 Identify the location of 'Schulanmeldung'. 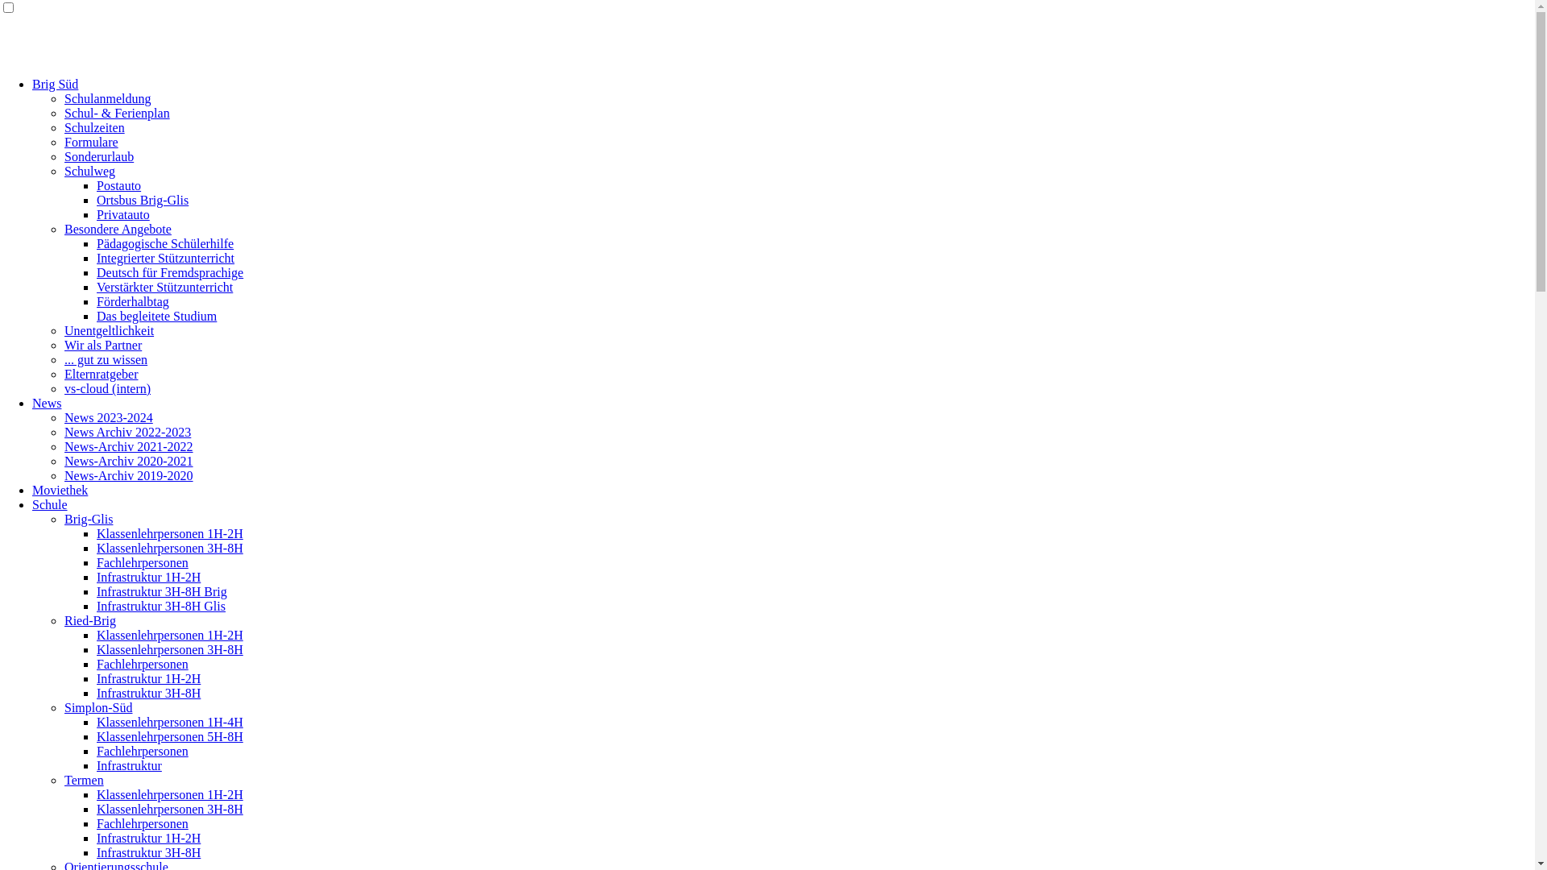
(107, 98).